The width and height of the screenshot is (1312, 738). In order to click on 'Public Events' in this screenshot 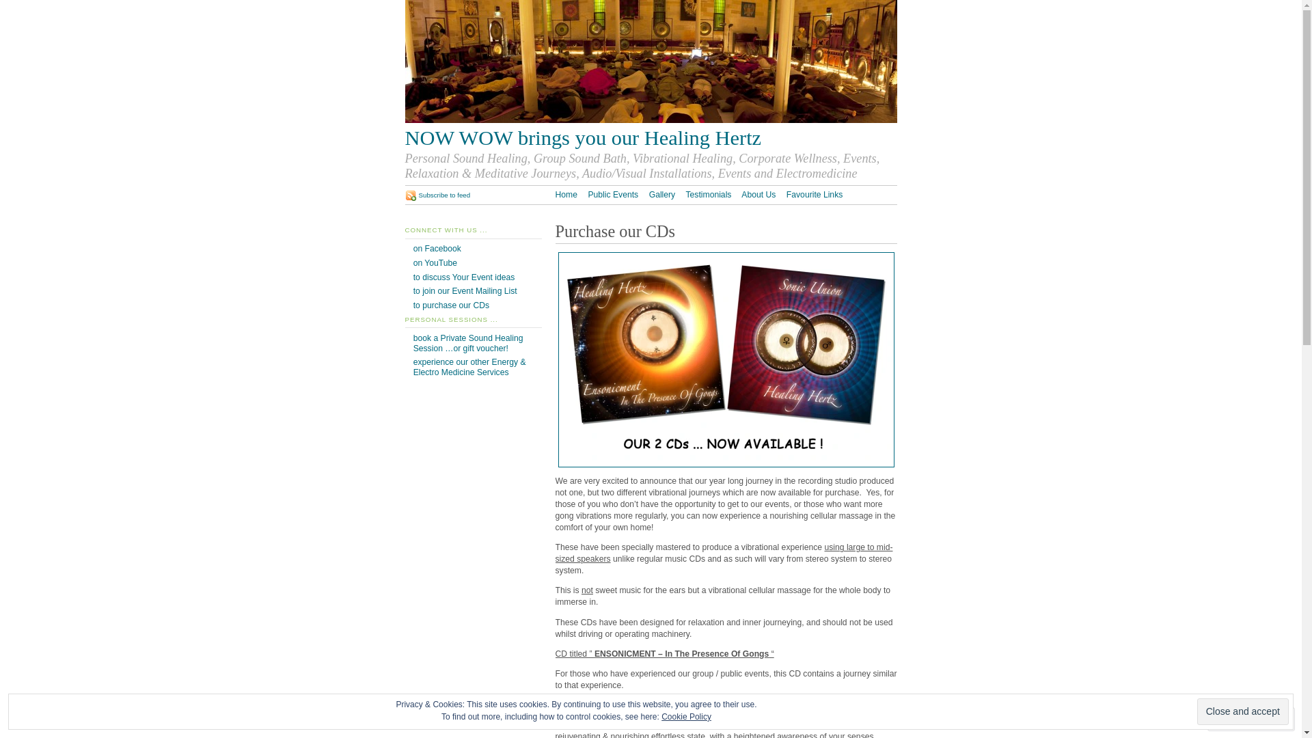, I will do `click(612, 195)`.